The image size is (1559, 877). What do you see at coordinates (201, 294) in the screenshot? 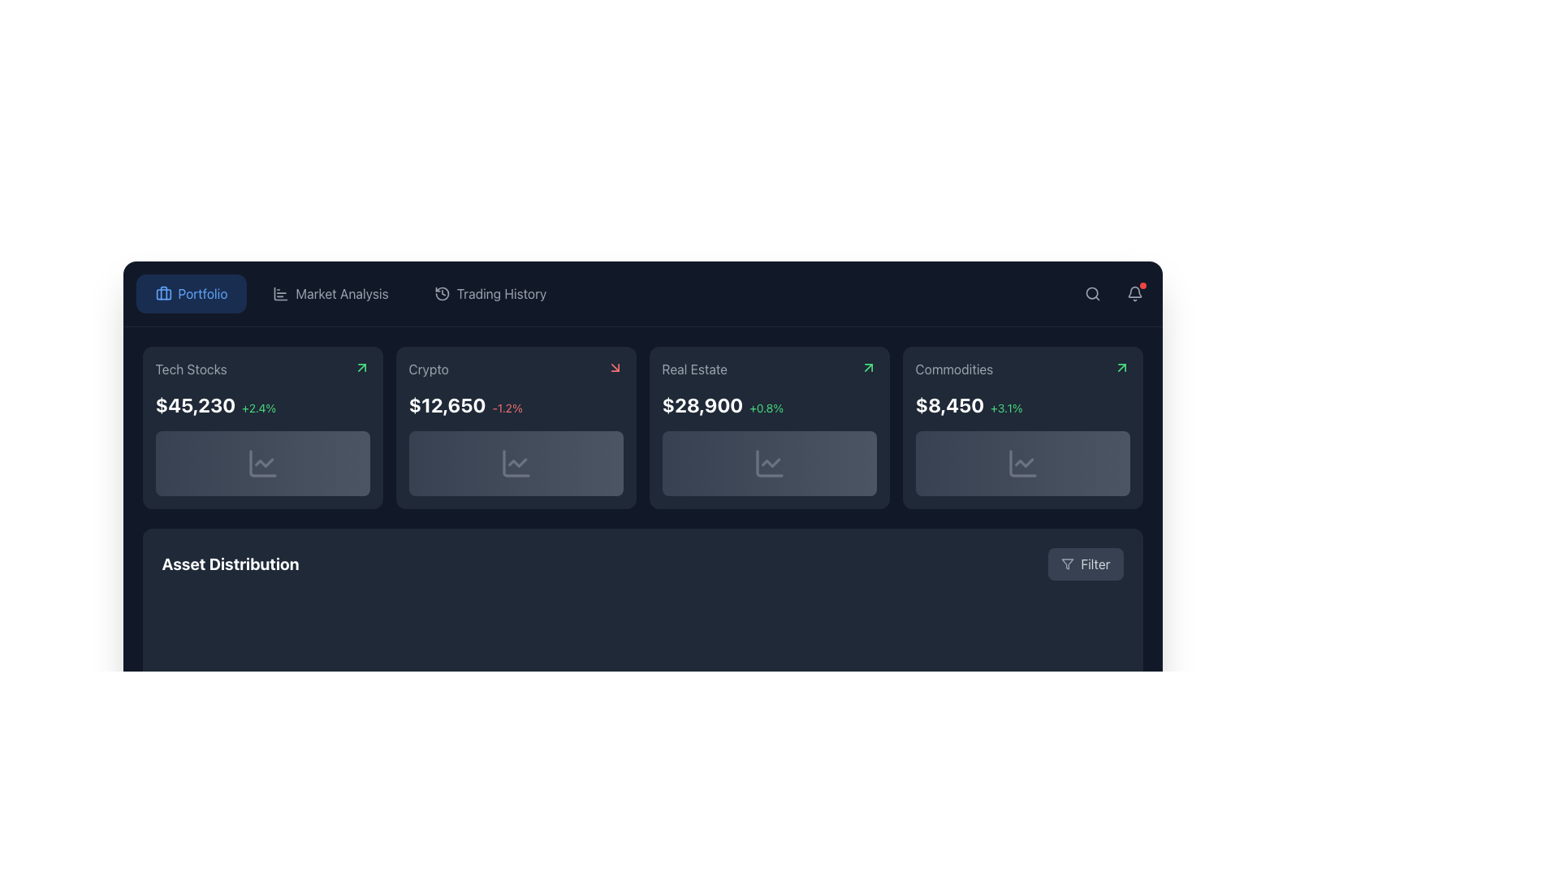
I see `text label that describes the purpose of the 'Portfolio' button, which is positioned to the right of a briefcase icon` at bounding box center [201, 294].